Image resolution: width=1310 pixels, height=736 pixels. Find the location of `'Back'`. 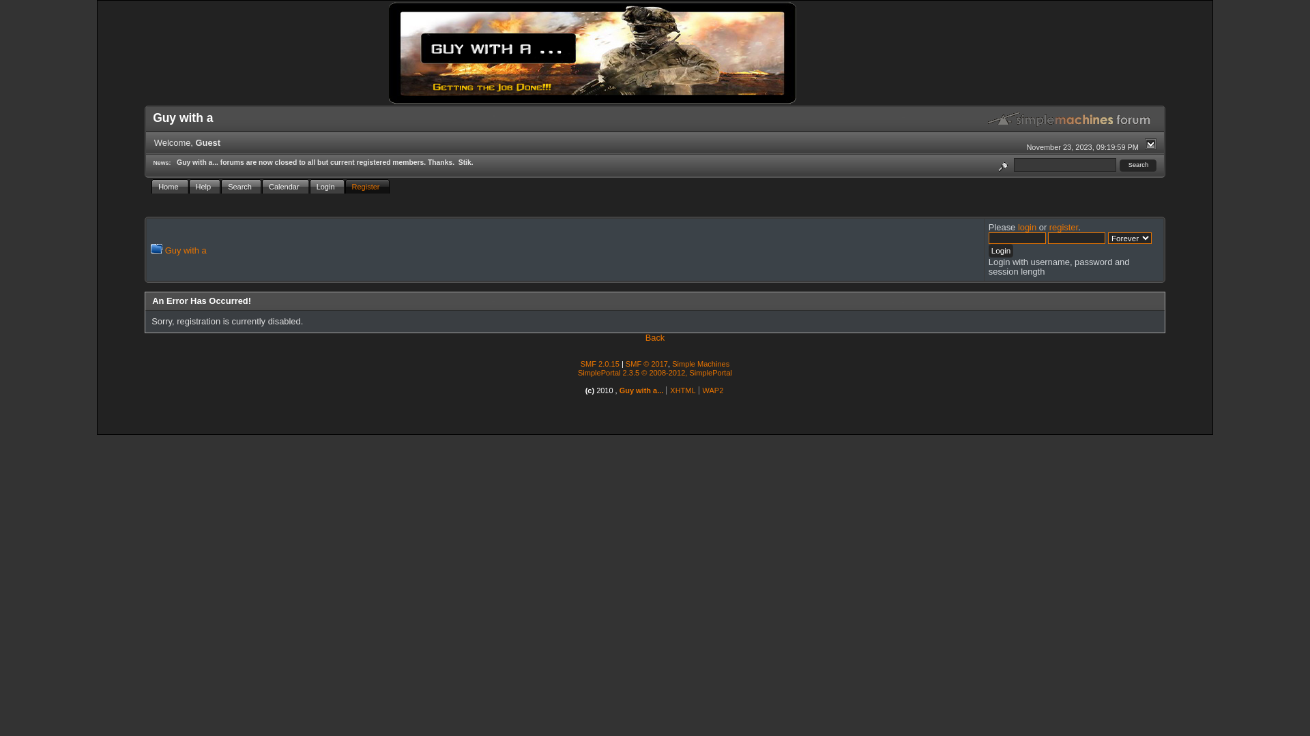

'Back' is located at coordinates (655, 337).